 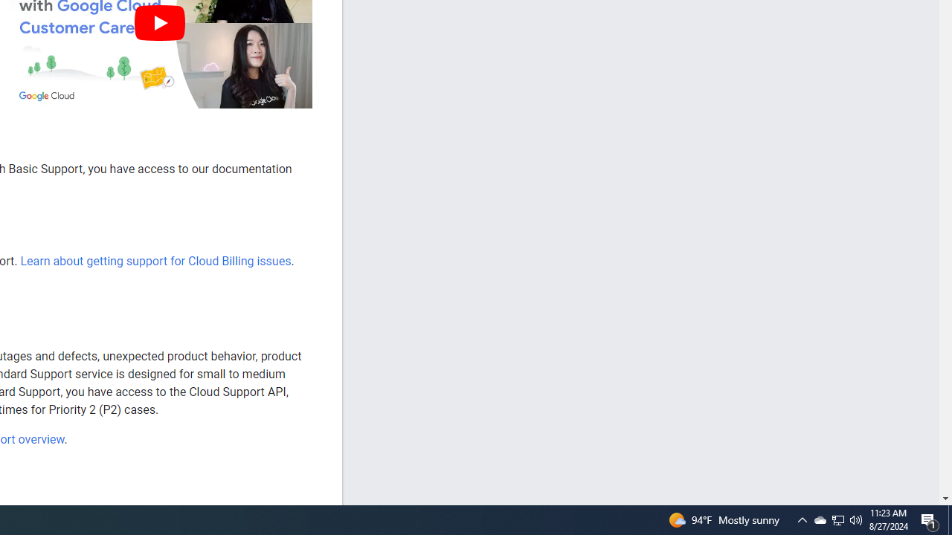 What do you see at coordinates (155, 260) in the screenshot?
I see `'Learn about getting support for Cloud Billing issues'` at bounding box center [155, 260].